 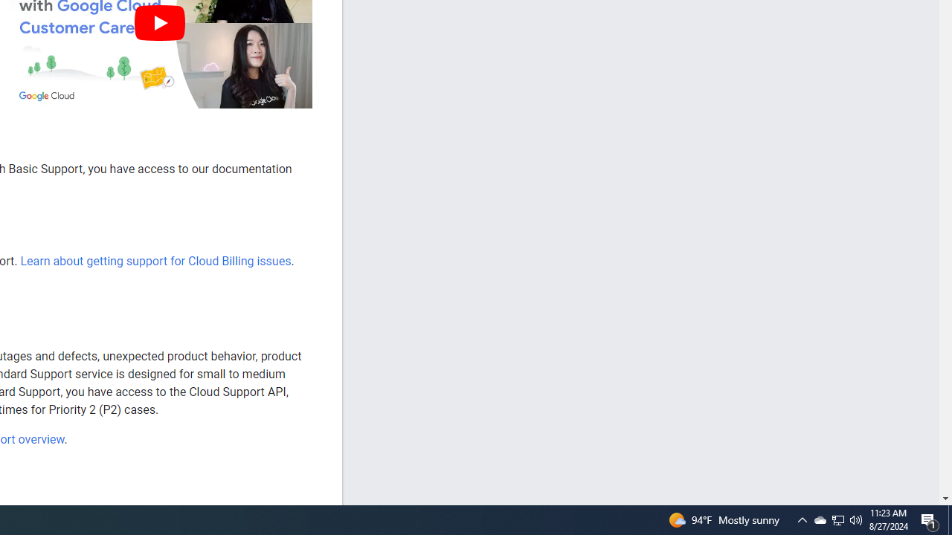 What do you see at coordinates (155, 260) in the screenshot?
I see `'Learn about getting support for Cloud Billing issues'` at bounding box center [155, 260].